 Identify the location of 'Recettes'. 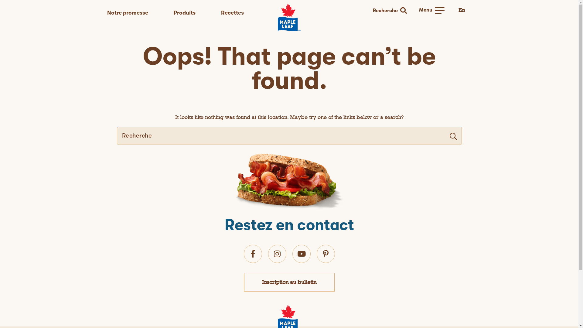
(232, 13).